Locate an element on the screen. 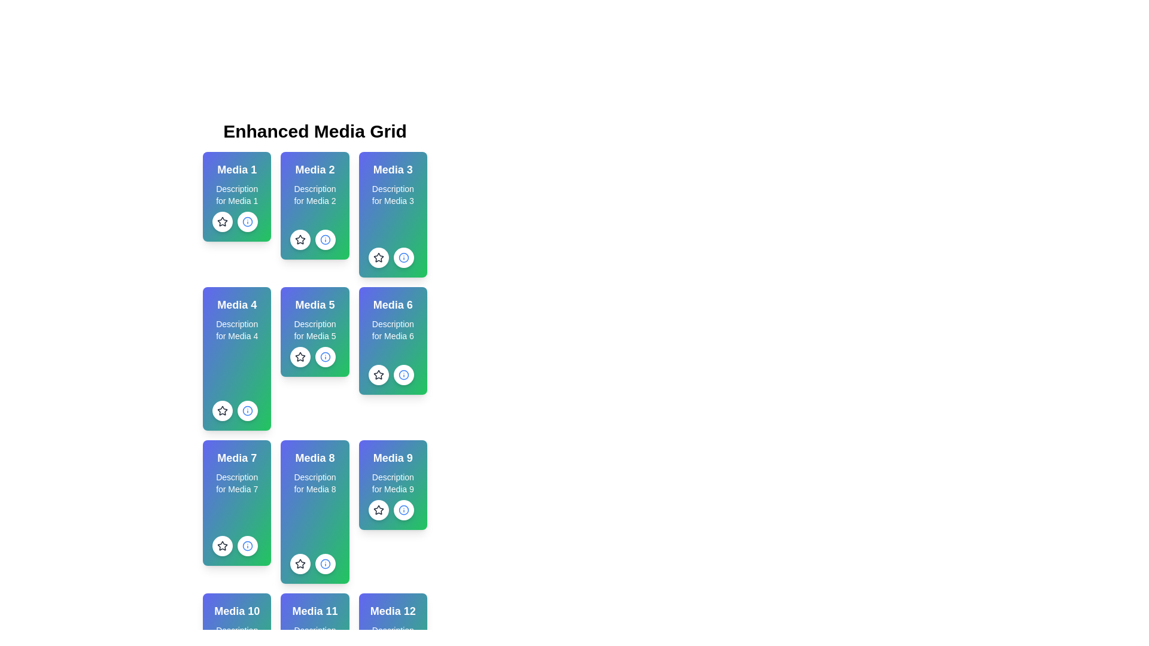 The image size is (1149, 646). the star icon located in the lower-left corner of the second card in the Enhanced Media Grid to mark the media item as favorite is located at coordinates (300, 240).